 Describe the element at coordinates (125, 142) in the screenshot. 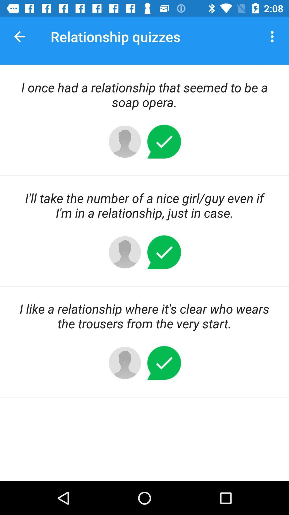

I see `the profile icon which is below the text i once had a relationship that seemed to be a soap opera` at that location.